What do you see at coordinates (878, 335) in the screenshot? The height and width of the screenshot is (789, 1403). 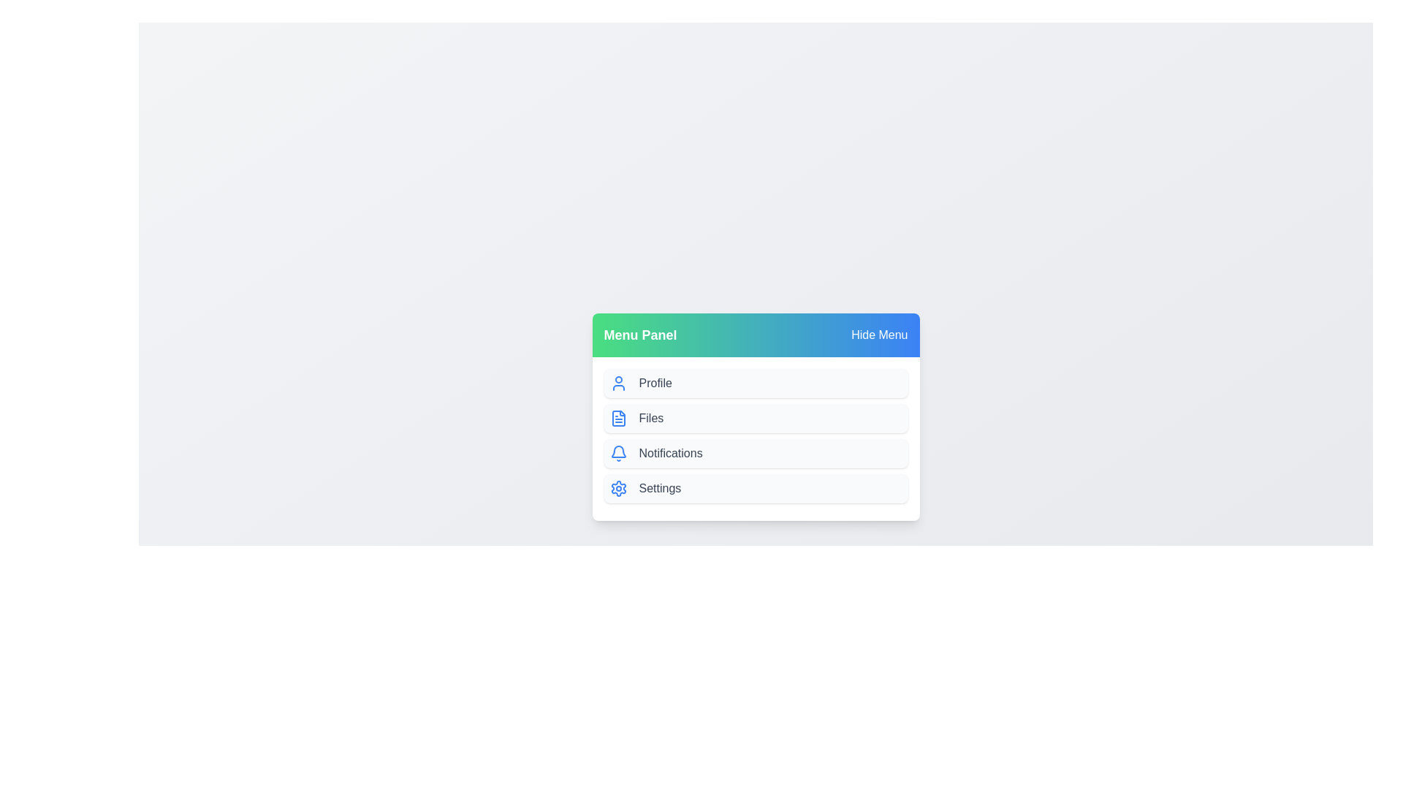 I see `the 'Hide Menu' button to toggle the menu visibility` at bounding box center [878, 335].